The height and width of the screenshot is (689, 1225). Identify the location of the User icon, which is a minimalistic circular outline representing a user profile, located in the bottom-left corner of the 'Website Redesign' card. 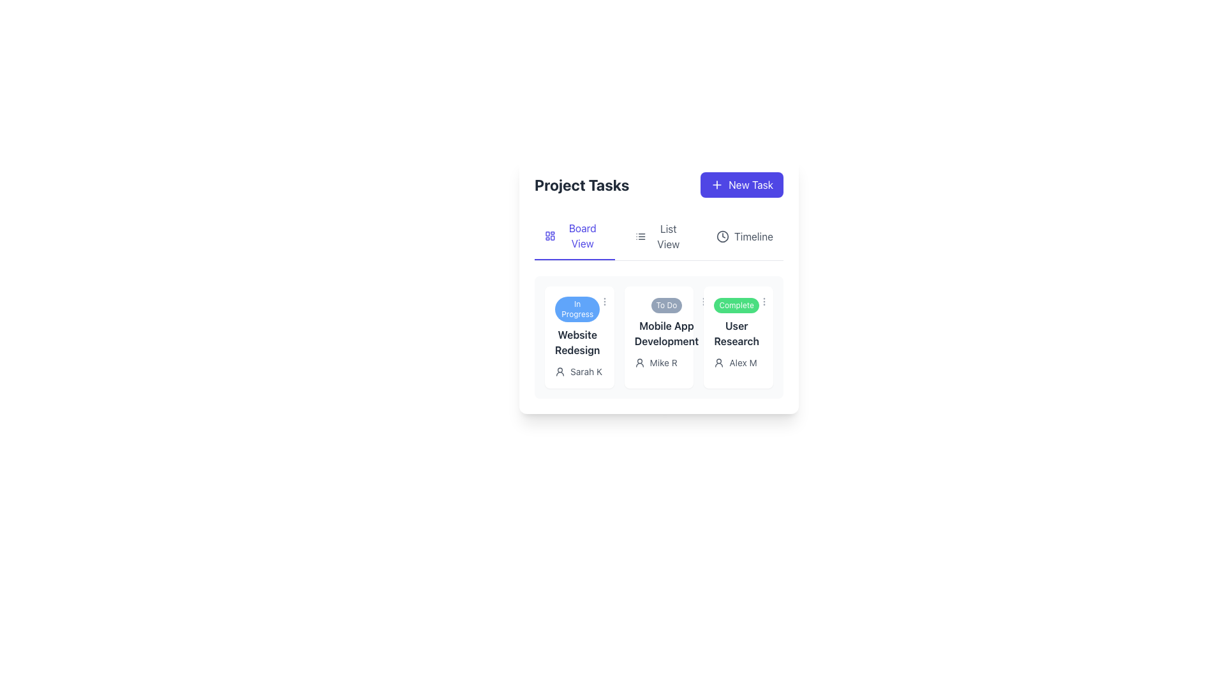
(560, 371).